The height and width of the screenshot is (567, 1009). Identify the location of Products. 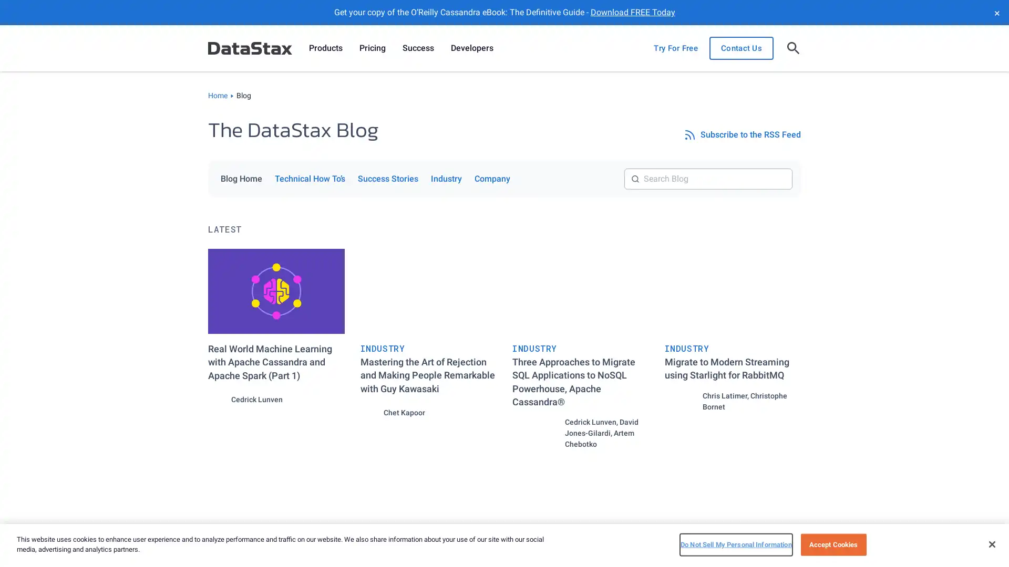
(325, 48).